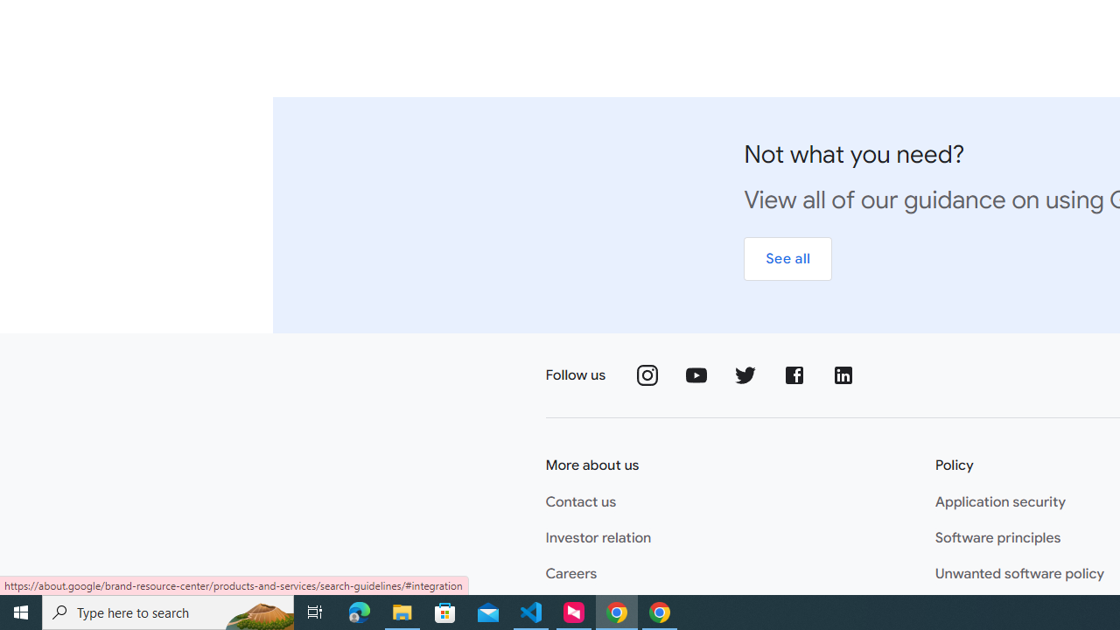 The image size is (1120, 630). I want to click on 'Follow us on YouTube', so click(696, 374).